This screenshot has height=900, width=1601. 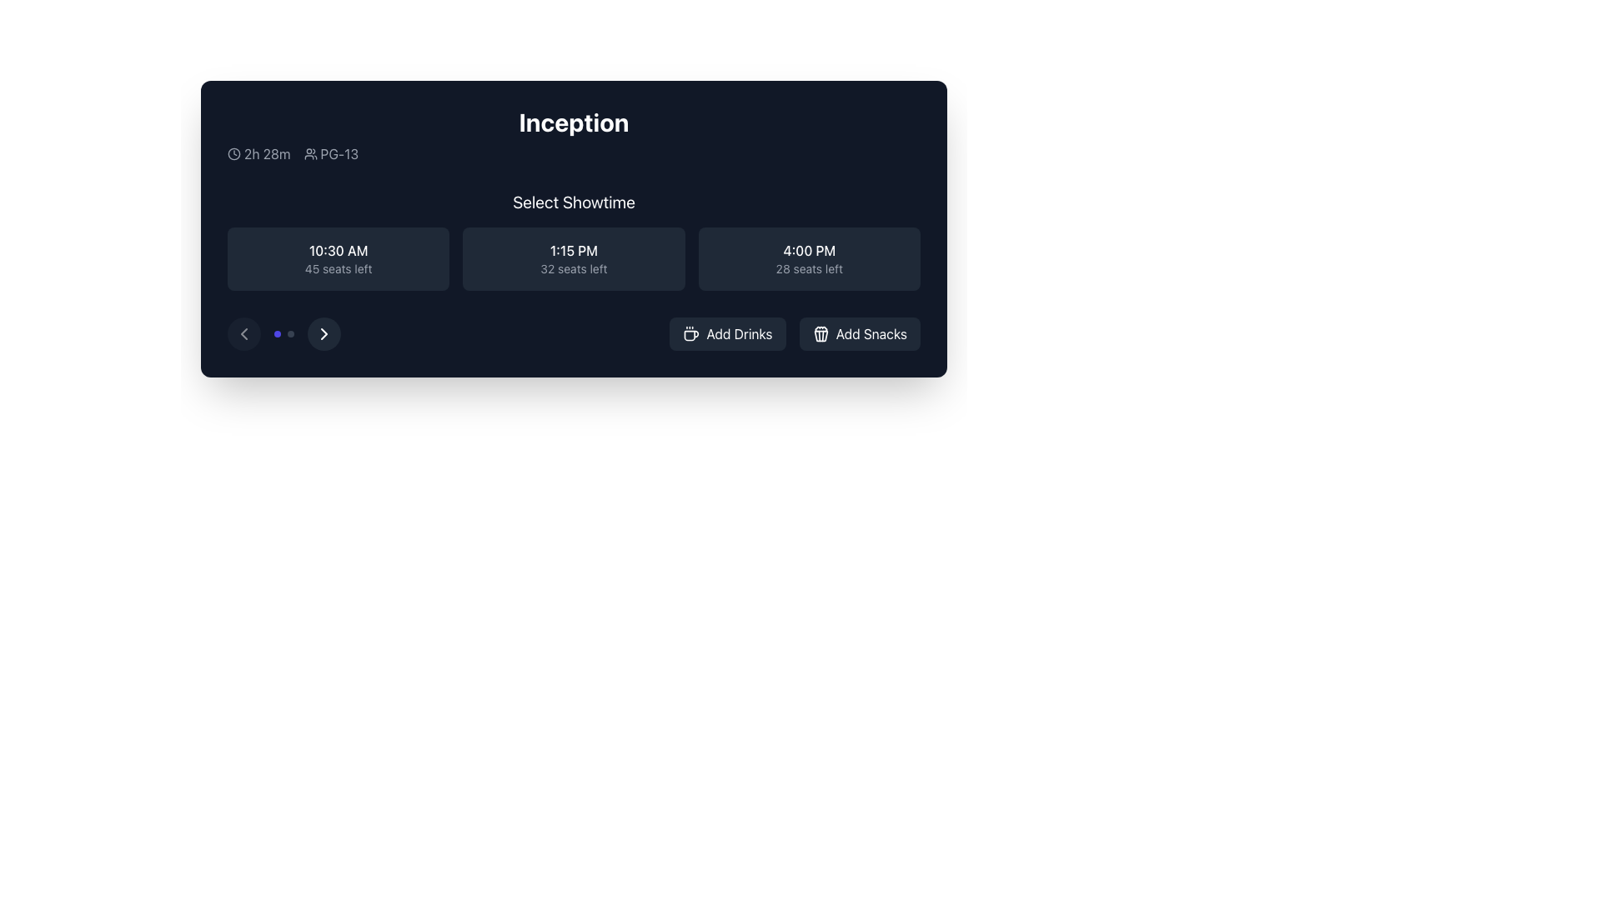 I want to click on the text label displaying '10:30 AM' in bold white font, located in the 'Select Showtime' section, which indicates a time slot, so click(x=338, y=250).